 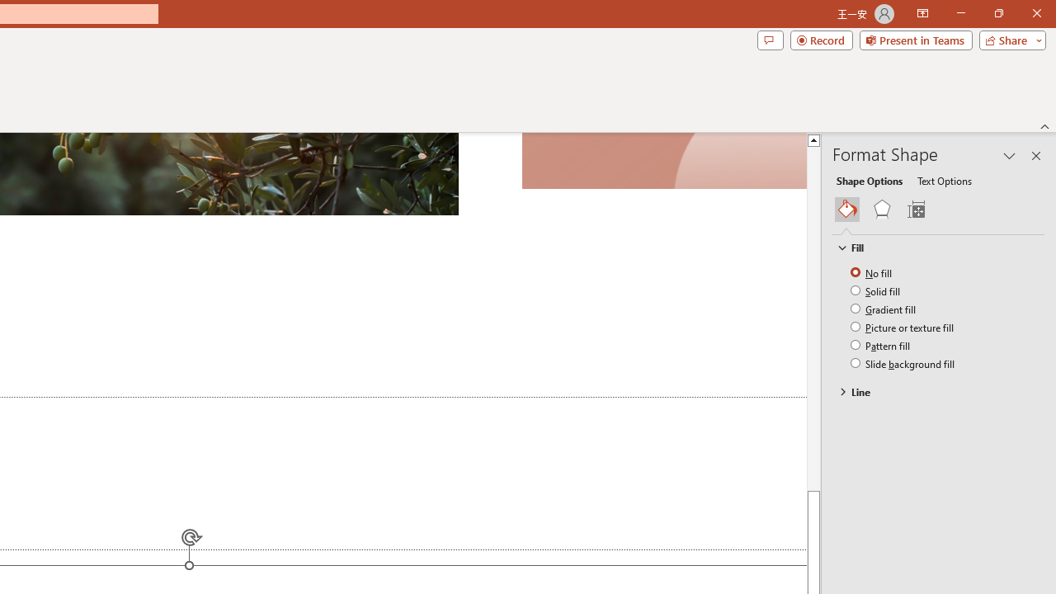 I want to click on 'Fill & Line', so click(x=847, y=209).